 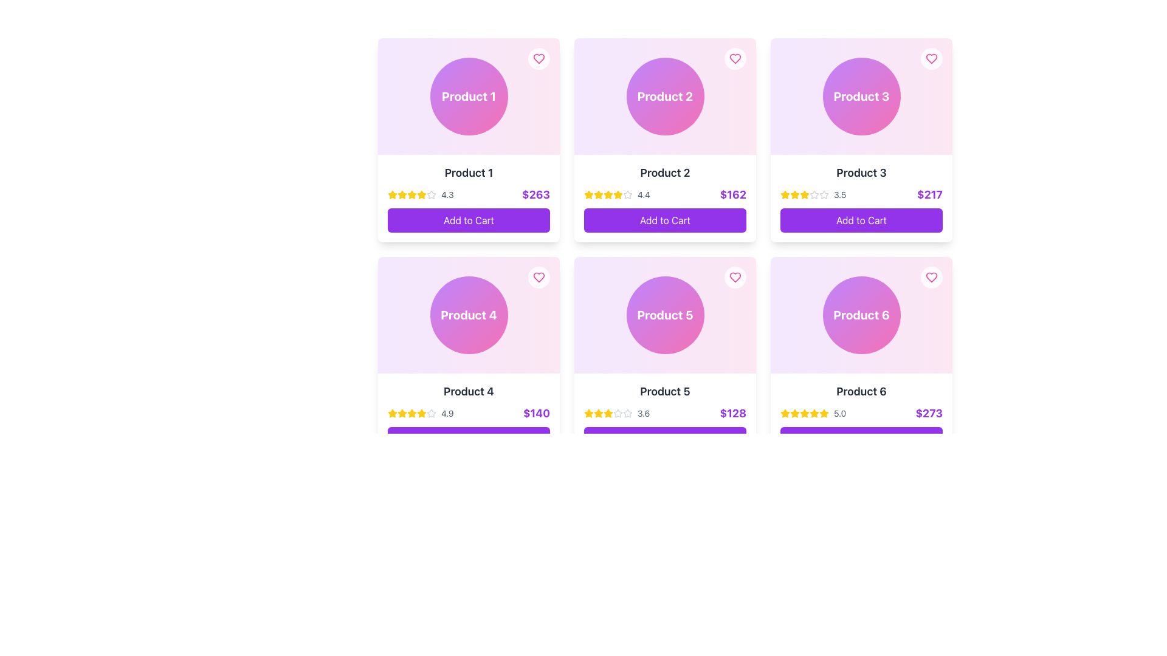 What do you see at coordinates (861, 194) in the screenshot?
I see `the Rating and price display for 'Product 3'` at bounding box center [861, 194].